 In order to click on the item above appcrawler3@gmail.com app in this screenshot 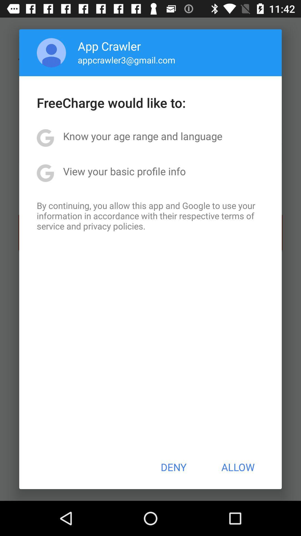, I will do `click(109, 46)`.